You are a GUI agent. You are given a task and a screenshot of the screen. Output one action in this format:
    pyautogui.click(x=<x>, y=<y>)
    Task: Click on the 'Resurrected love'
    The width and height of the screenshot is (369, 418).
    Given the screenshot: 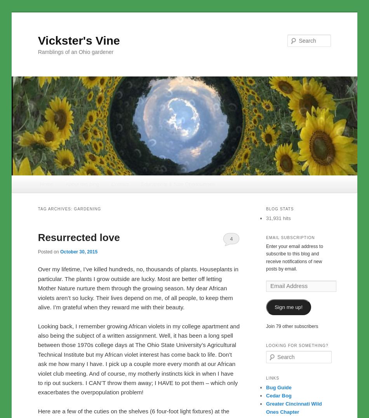 What is the action you would take?
    pyautogui.click(x=37, y=237)
    